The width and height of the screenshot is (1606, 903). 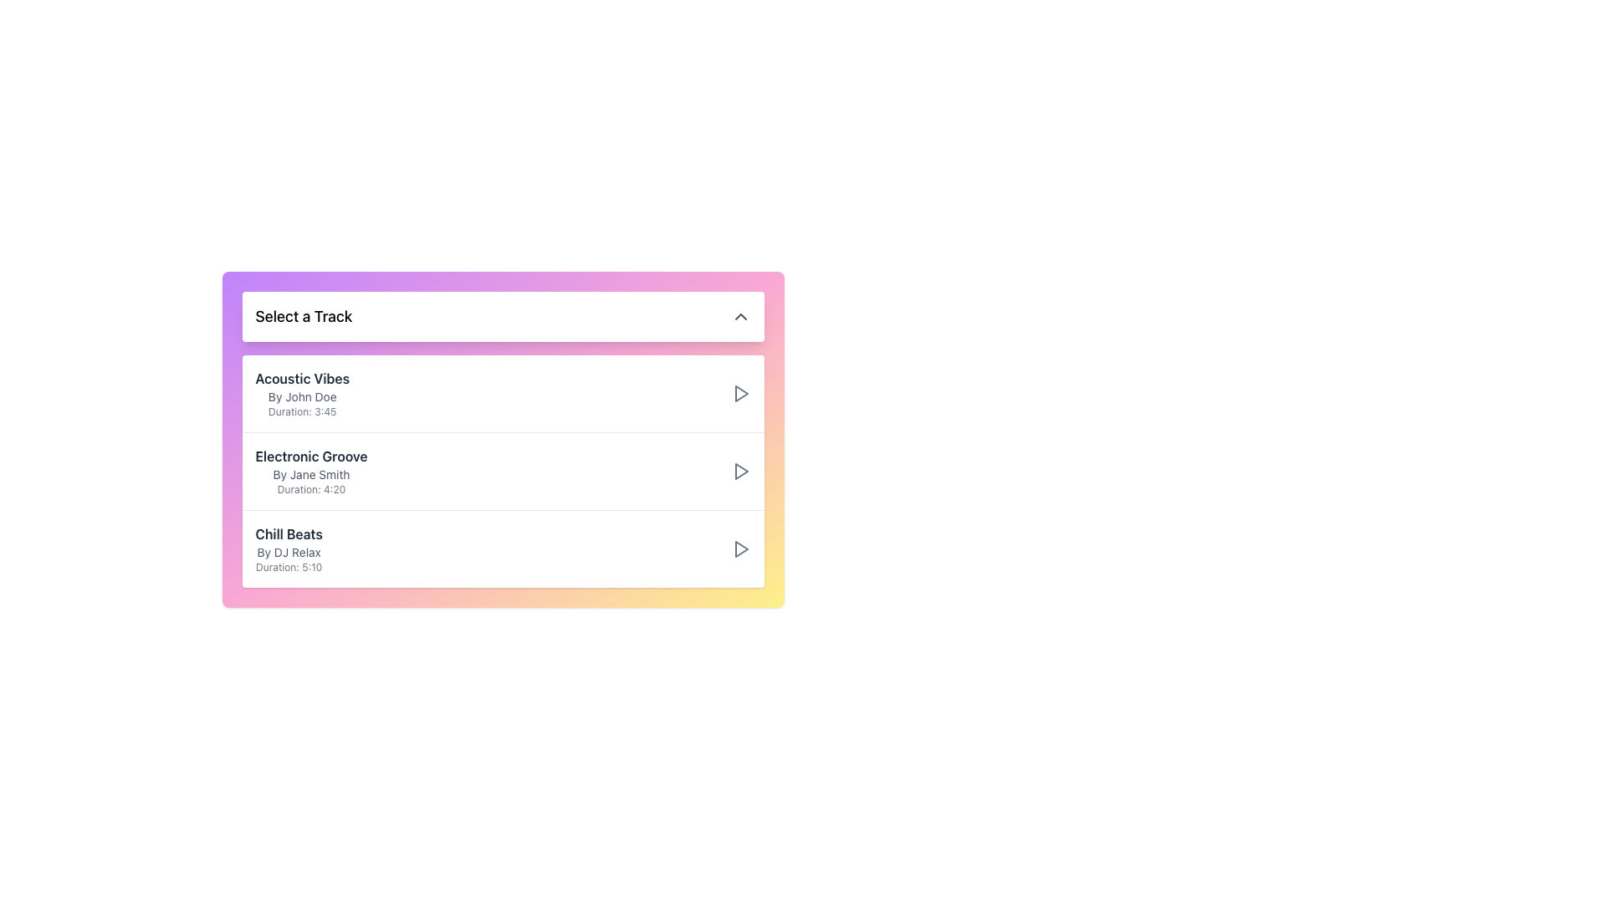 I want to click on the text snippet displaying 'By DJ Relax', which is styled in light gray and located in the middle section of the interface below the title 'Chill Beats', so click(x=289, y=552).